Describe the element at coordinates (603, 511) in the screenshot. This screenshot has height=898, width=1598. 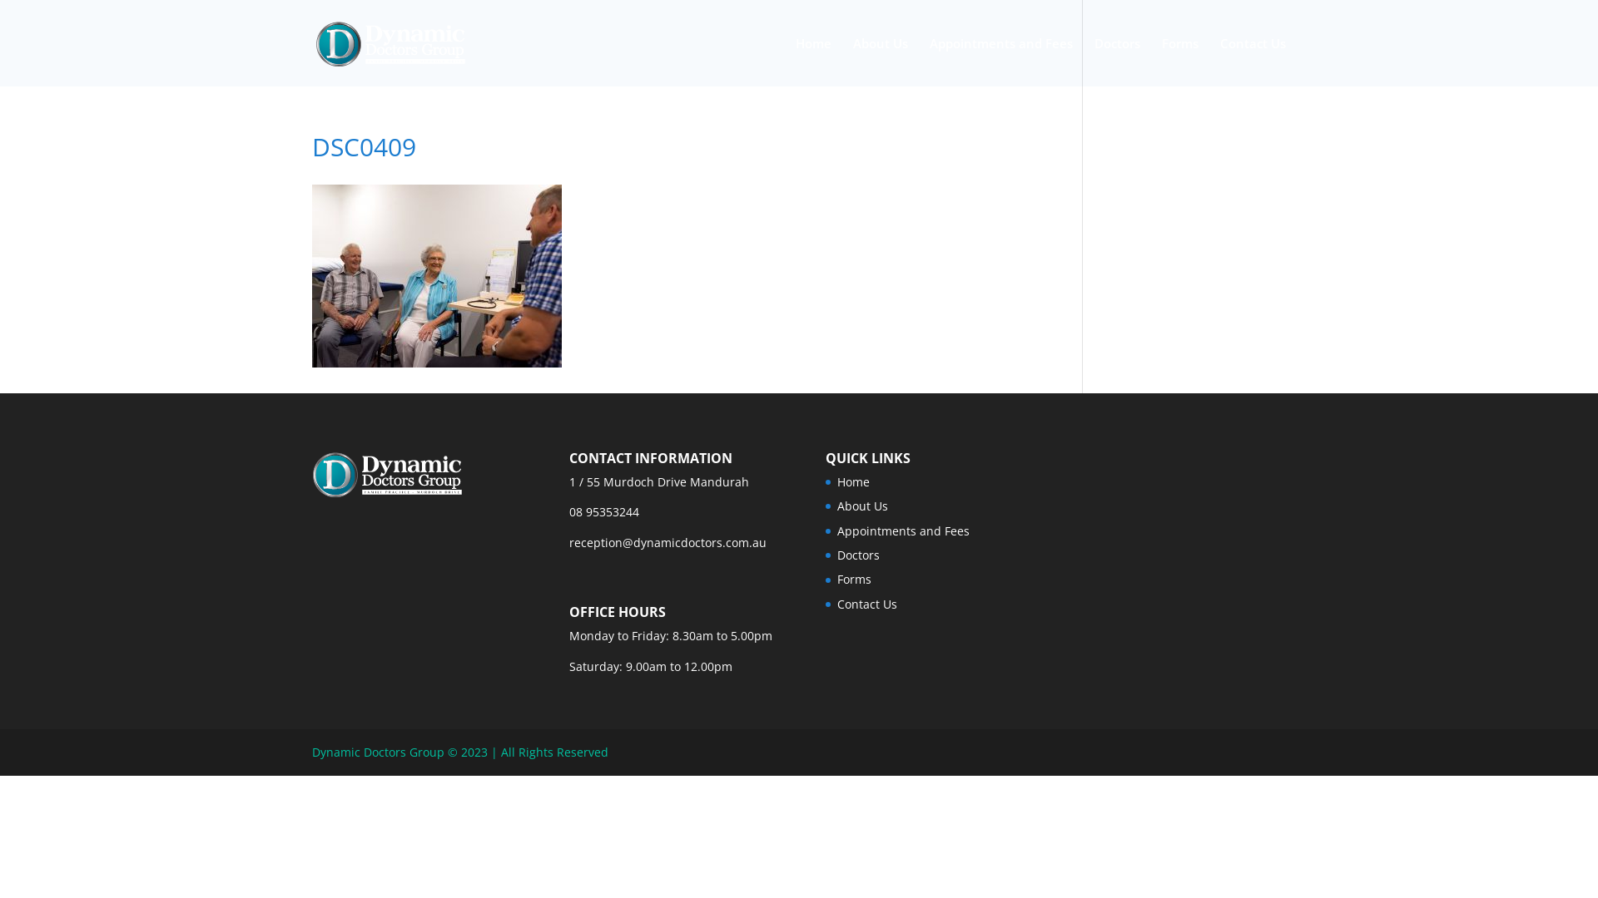
I see `'08 95353244'` at that location.